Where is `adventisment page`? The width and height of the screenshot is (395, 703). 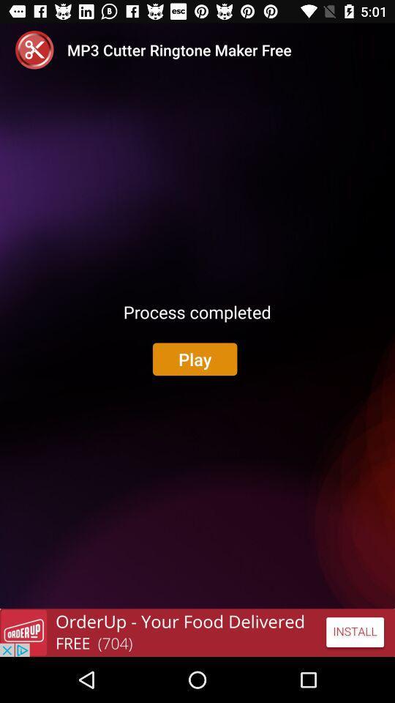 adventisment page is located at coordinates (197, 632).